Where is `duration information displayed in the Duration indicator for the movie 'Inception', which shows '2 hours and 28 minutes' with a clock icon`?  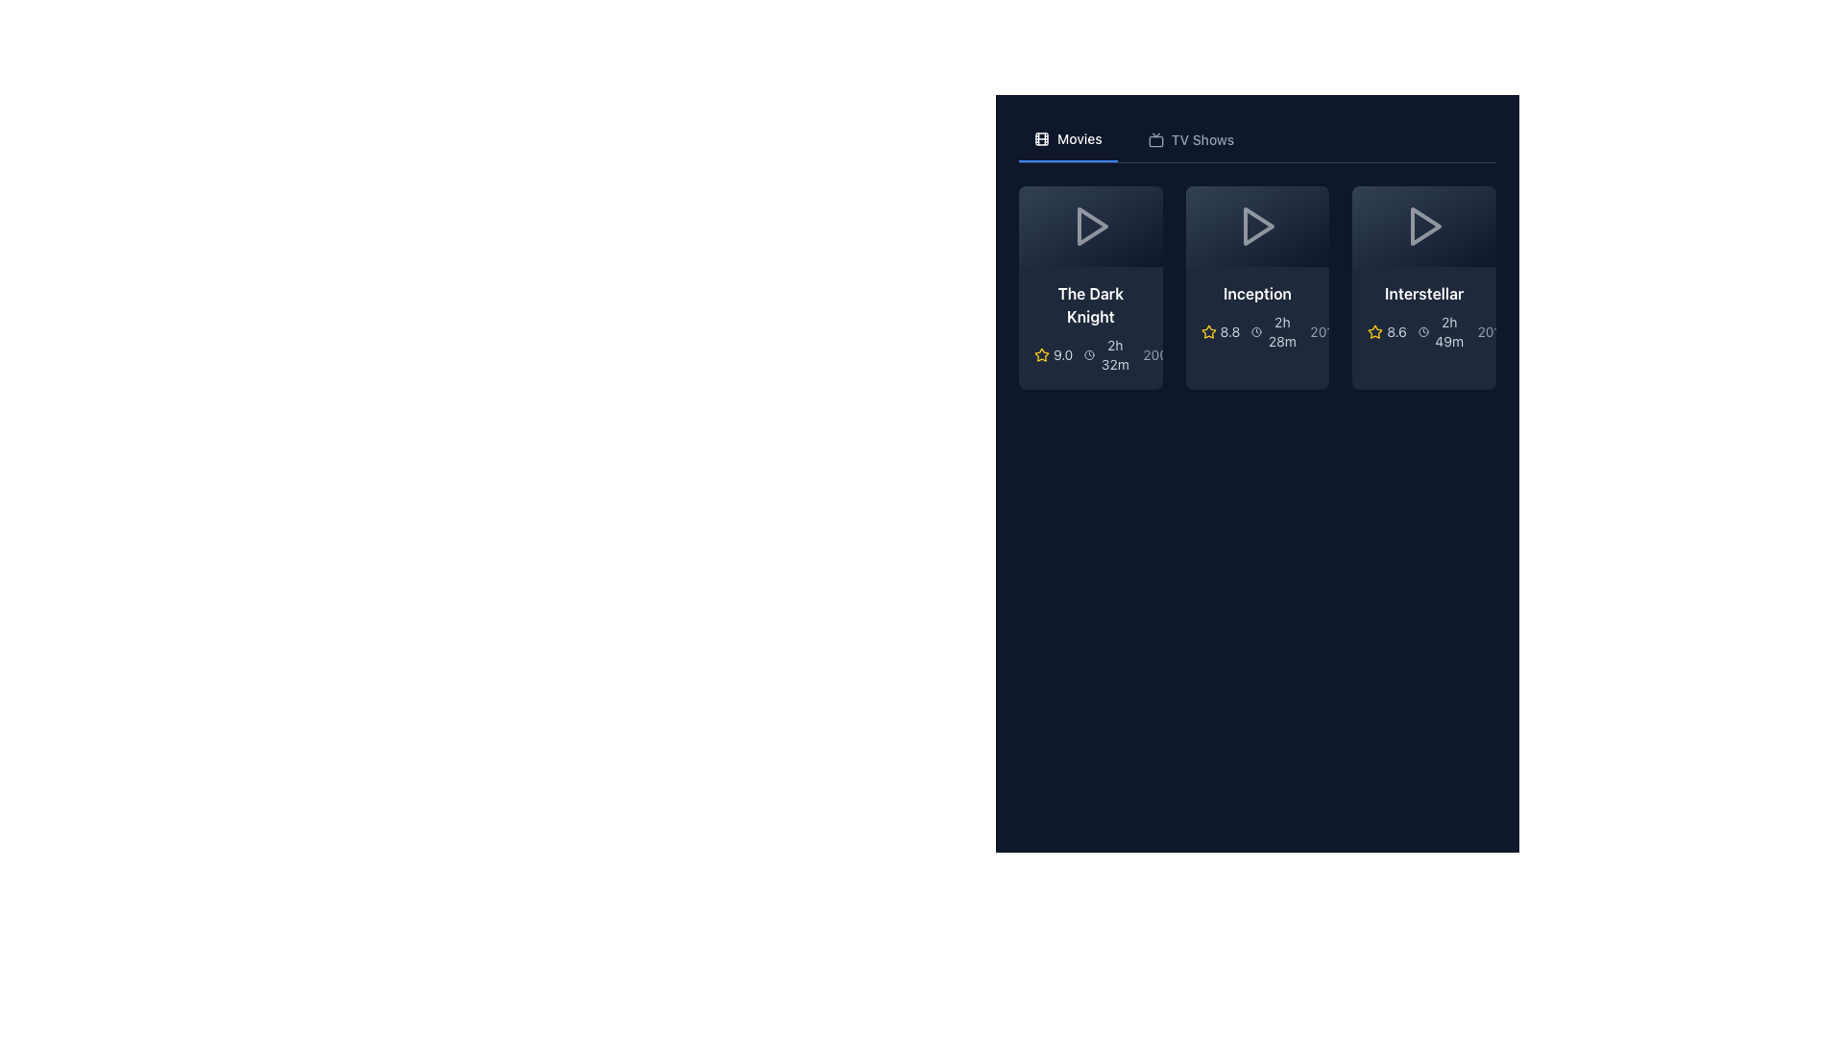 duration information displayed in the Duration indicator for the movie 'Inception', which shows '2 hours and 28 minutes' with a clock icon is located at coordinates (1274, 331).